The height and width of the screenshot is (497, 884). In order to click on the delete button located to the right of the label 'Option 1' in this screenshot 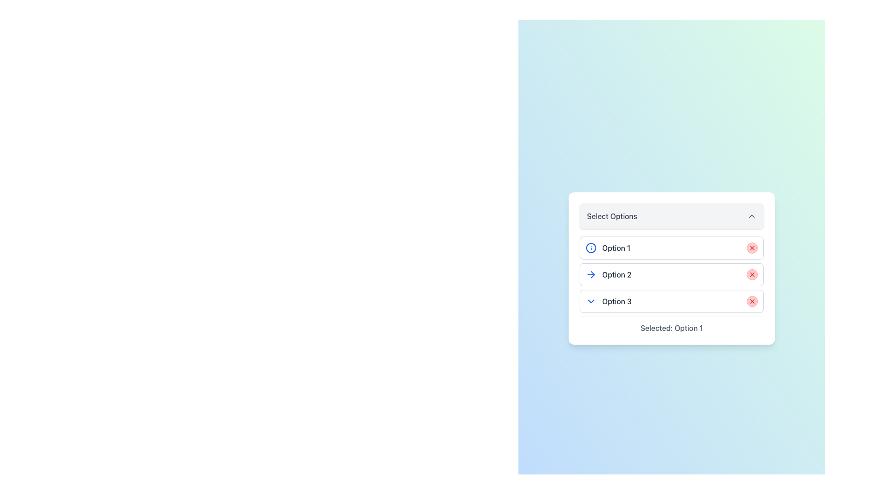, I will do `click(752, 247)`.